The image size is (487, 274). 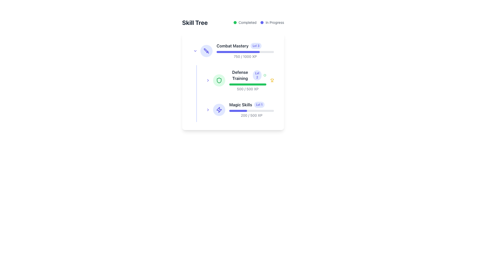 What do you see at coordinates (219, 109) in the screenshot?
I see `the 'Magic Skills' icon located in the lower section of the skill tree interface, adjacent to the 'Magic Skills' section, by moving the cursor to its center point` at bounding box center [219, 109].